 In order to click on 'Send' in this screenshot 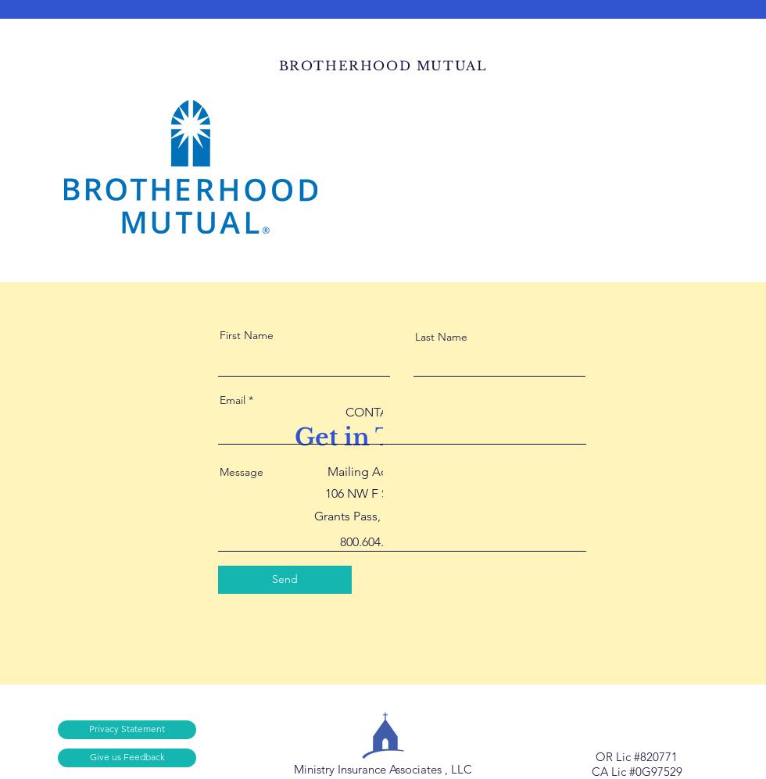, I will do `click(285, 578)`.